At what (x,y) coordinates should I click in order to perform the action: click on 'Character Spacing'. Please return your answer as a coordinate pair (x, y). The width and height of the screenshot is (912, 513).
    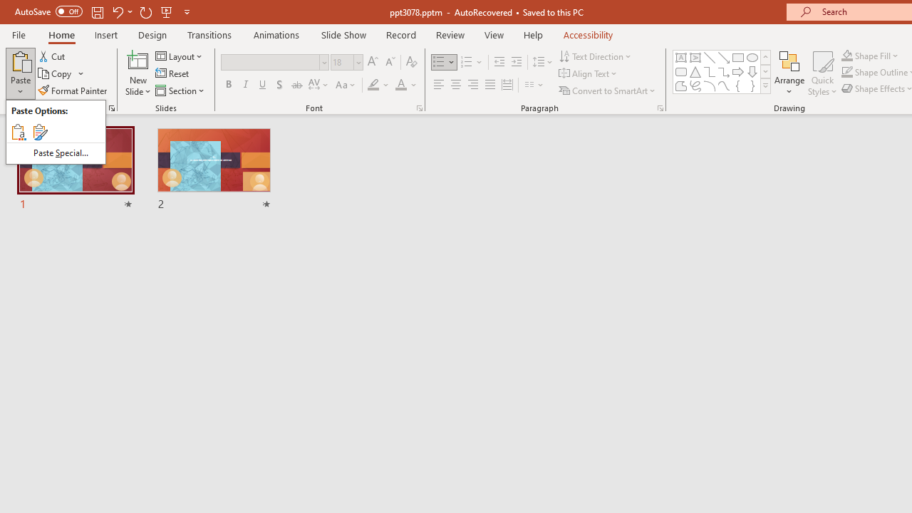
    Looking at the image, I should click on (318, 85).